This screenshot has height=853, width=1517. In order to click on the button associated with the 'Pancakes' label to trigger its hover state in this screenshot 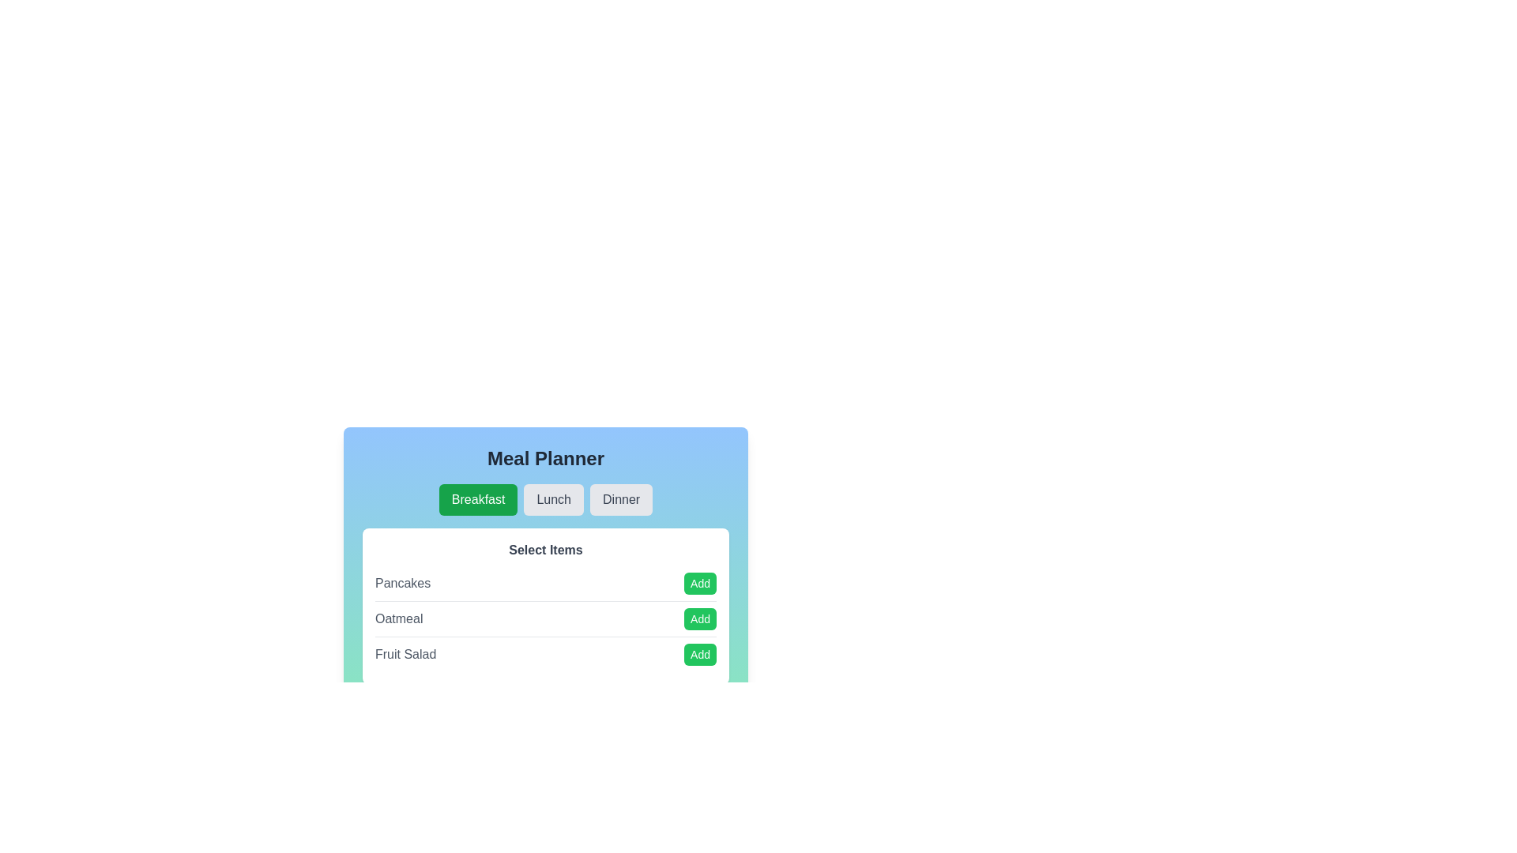, I will do `click(699, 584)`.